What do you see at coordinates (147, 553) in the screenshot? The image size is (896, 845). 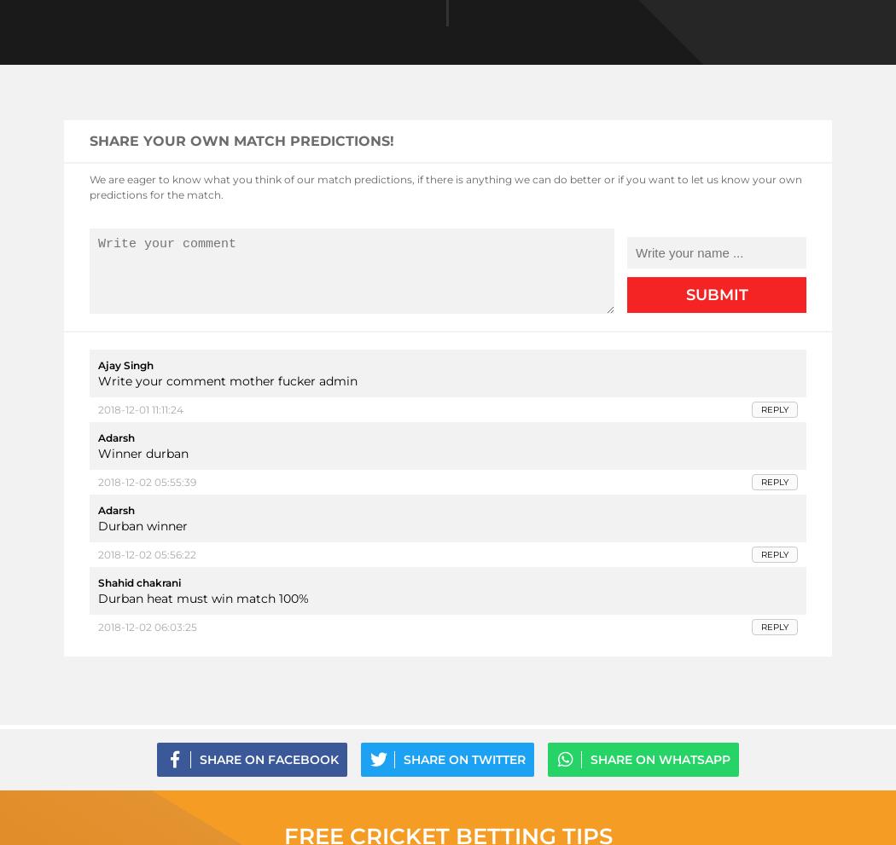 I see `'2018-12-02 05:56:22'` at bounding box center [147, 553].